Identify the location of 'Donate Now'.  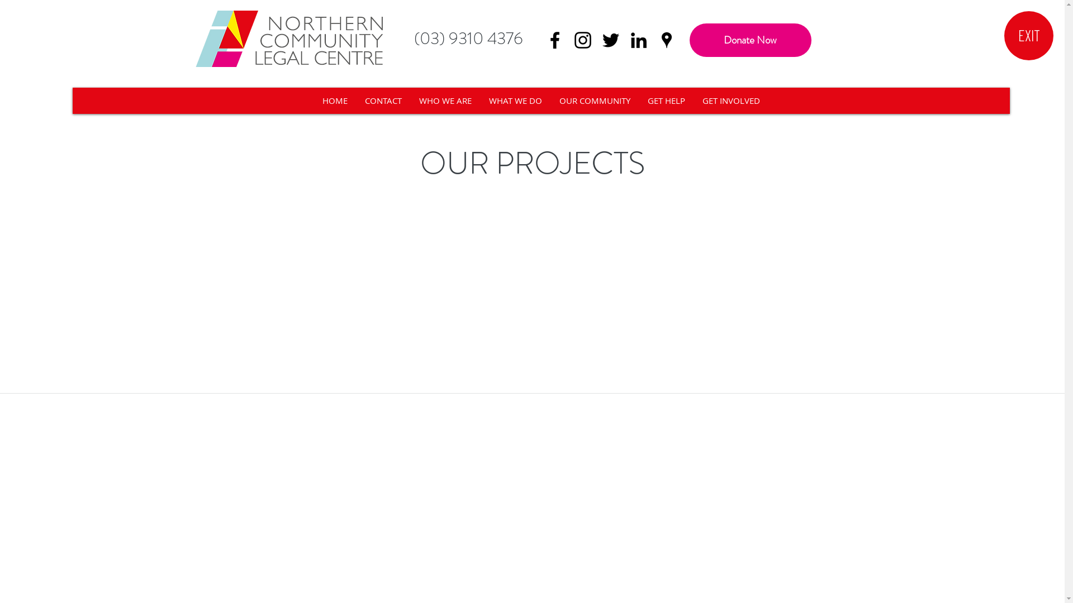
(751, 40).